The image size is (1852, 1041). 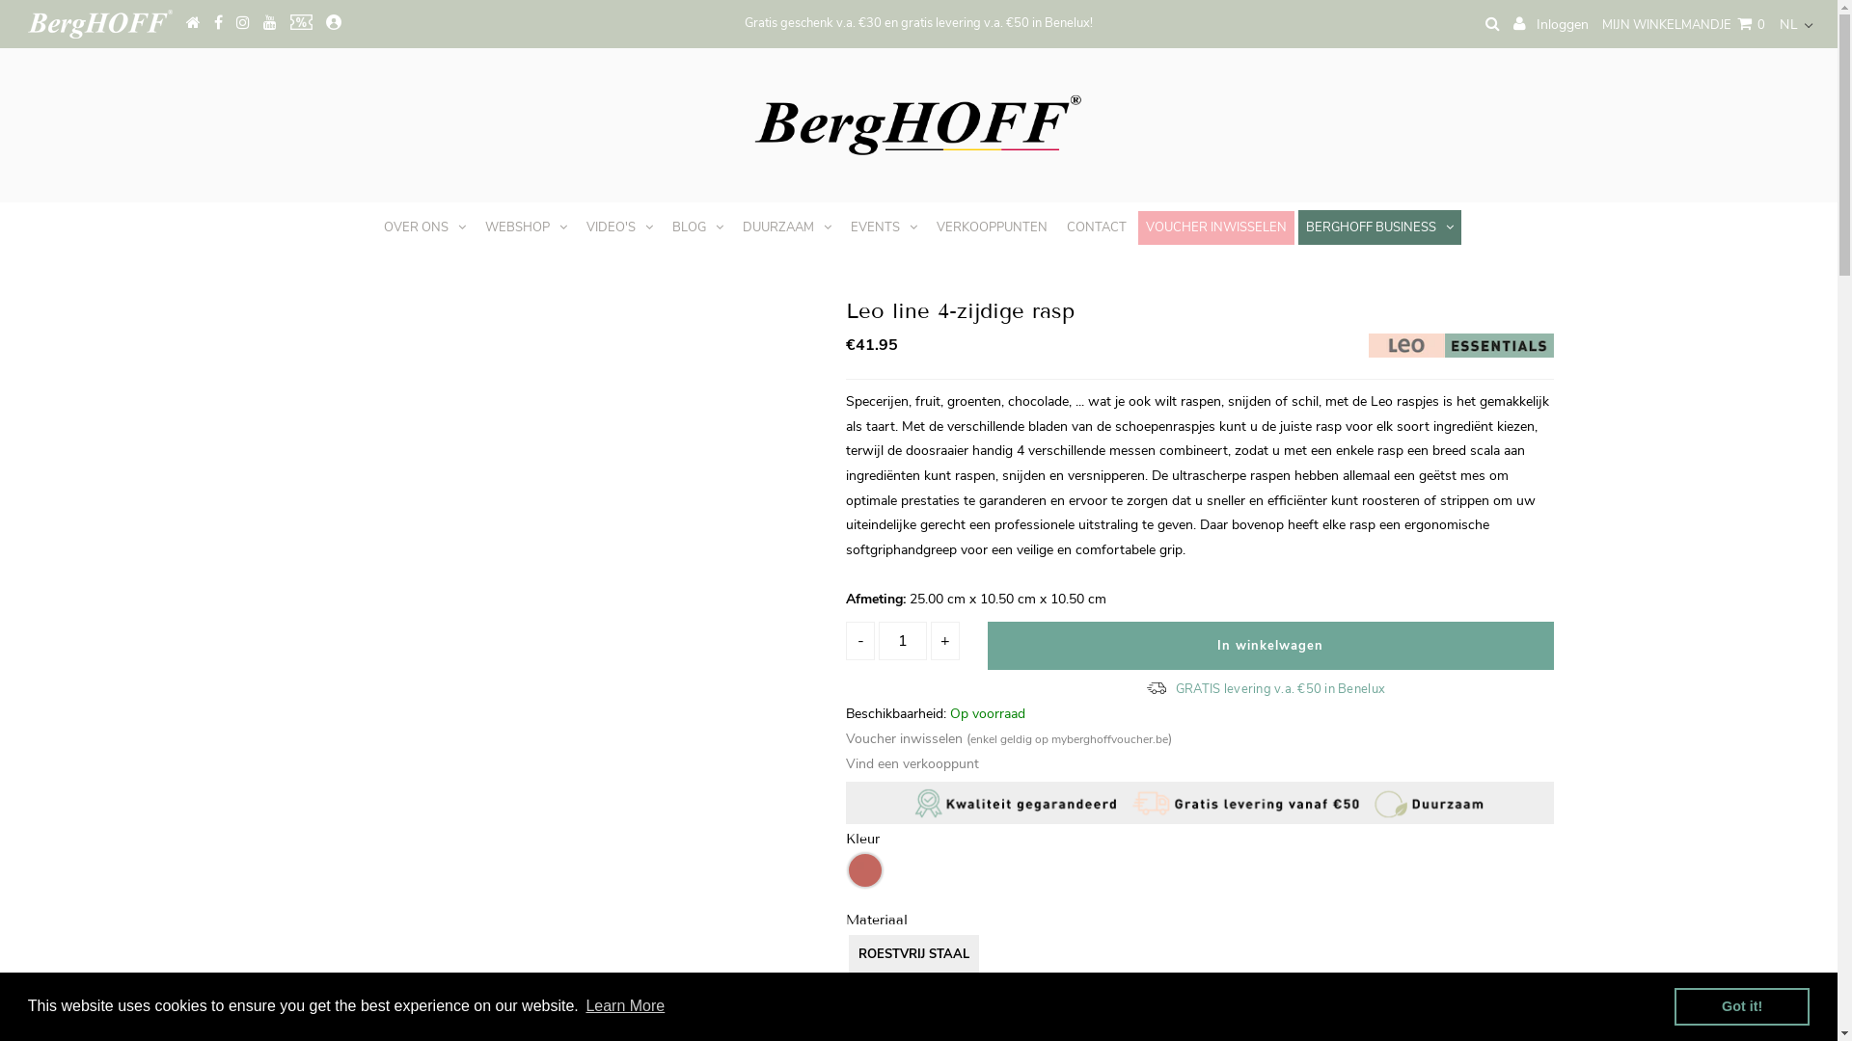 What do you see at coordinates (846, 762) in the screenshot?
I see `'Vind een verkooppunt'` at bounding box center [846, 762].